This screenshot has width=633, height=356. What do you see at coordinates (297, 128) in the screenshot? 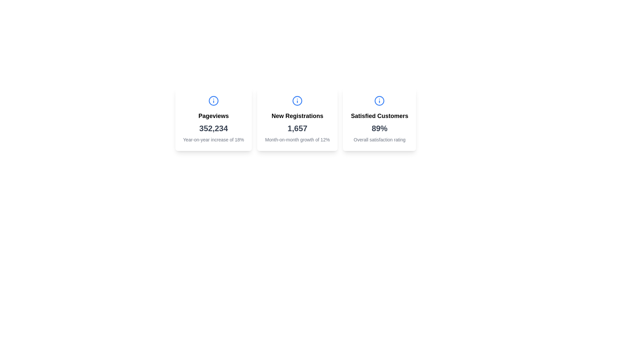
I see `the text element displaying '1,657', which is prominently styled in gray and located below the 'New Registrations' heading` at bounding box center [297, 128].